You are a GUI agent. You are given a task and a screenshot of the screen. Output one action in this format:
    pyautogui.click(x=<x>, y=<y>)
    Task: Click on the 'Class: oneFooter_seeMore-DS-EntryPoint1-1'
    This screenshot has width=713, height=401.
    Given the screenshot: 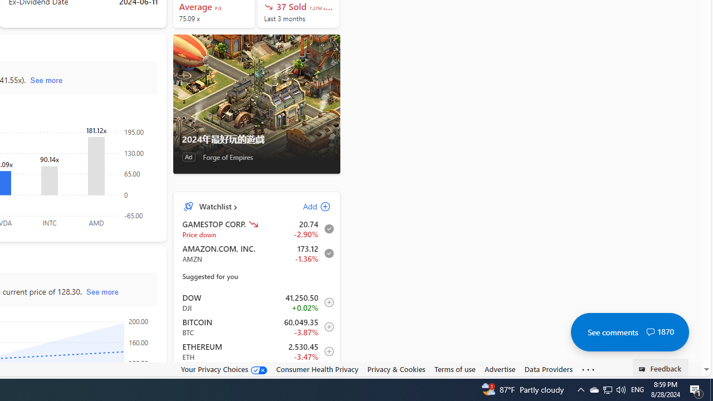 What is the action you would take?
    pyautogui.click(x=588, y=369)
    